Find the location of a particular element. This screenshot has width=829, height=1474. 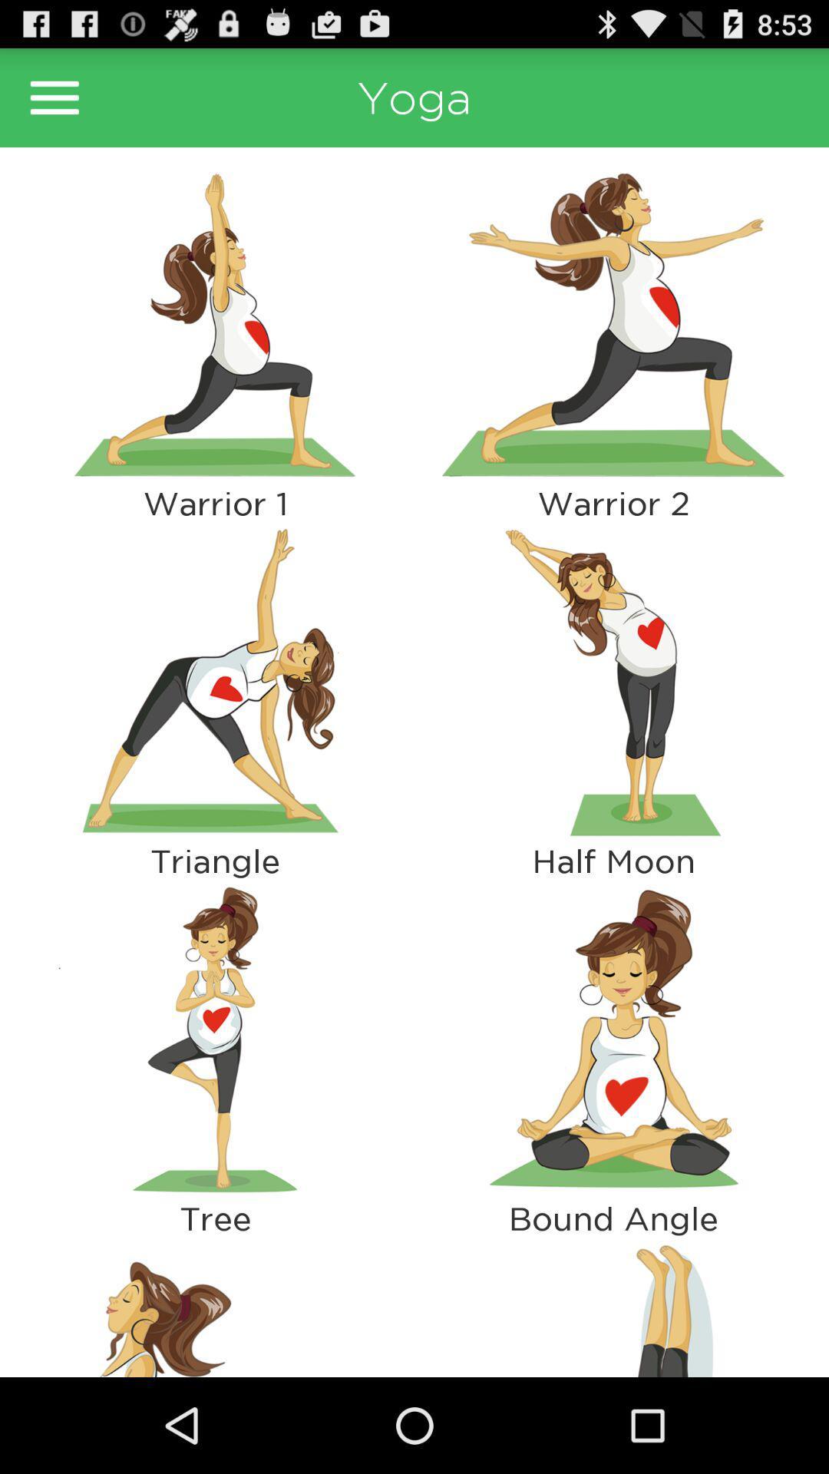

main page is located at coordinates (54, 97).